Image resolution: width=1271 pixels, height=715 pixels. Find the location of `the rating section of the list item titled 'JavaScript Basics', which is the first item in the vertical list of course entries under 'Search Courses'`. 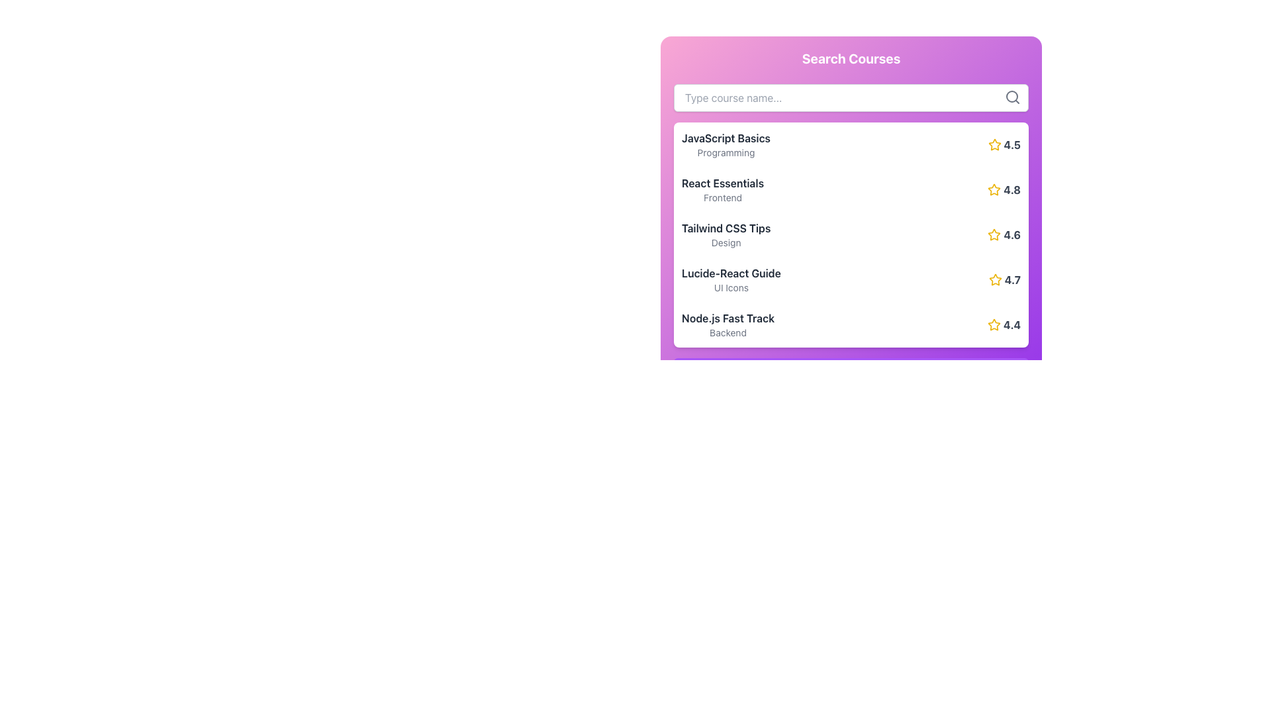

the rating section of the list item titled 'JavaScript Basics', which is the first item in the vertical list of course entries under 'Search Courses' is located at coordinates (851, 145).